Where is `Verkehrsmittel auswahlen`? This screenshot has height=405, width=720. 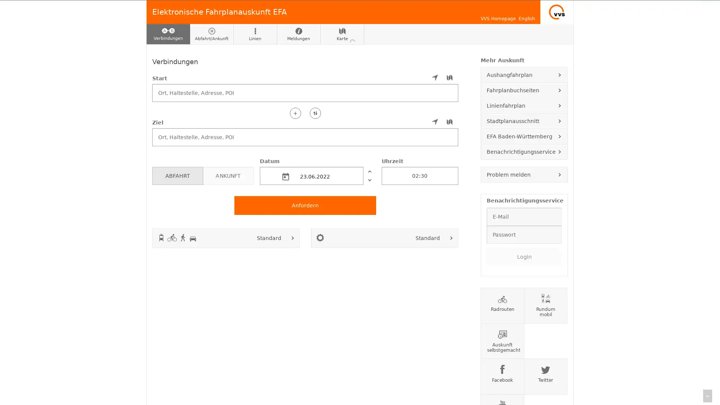 Verkehrsmittel auswahlen is located at coordinates (292, 237).